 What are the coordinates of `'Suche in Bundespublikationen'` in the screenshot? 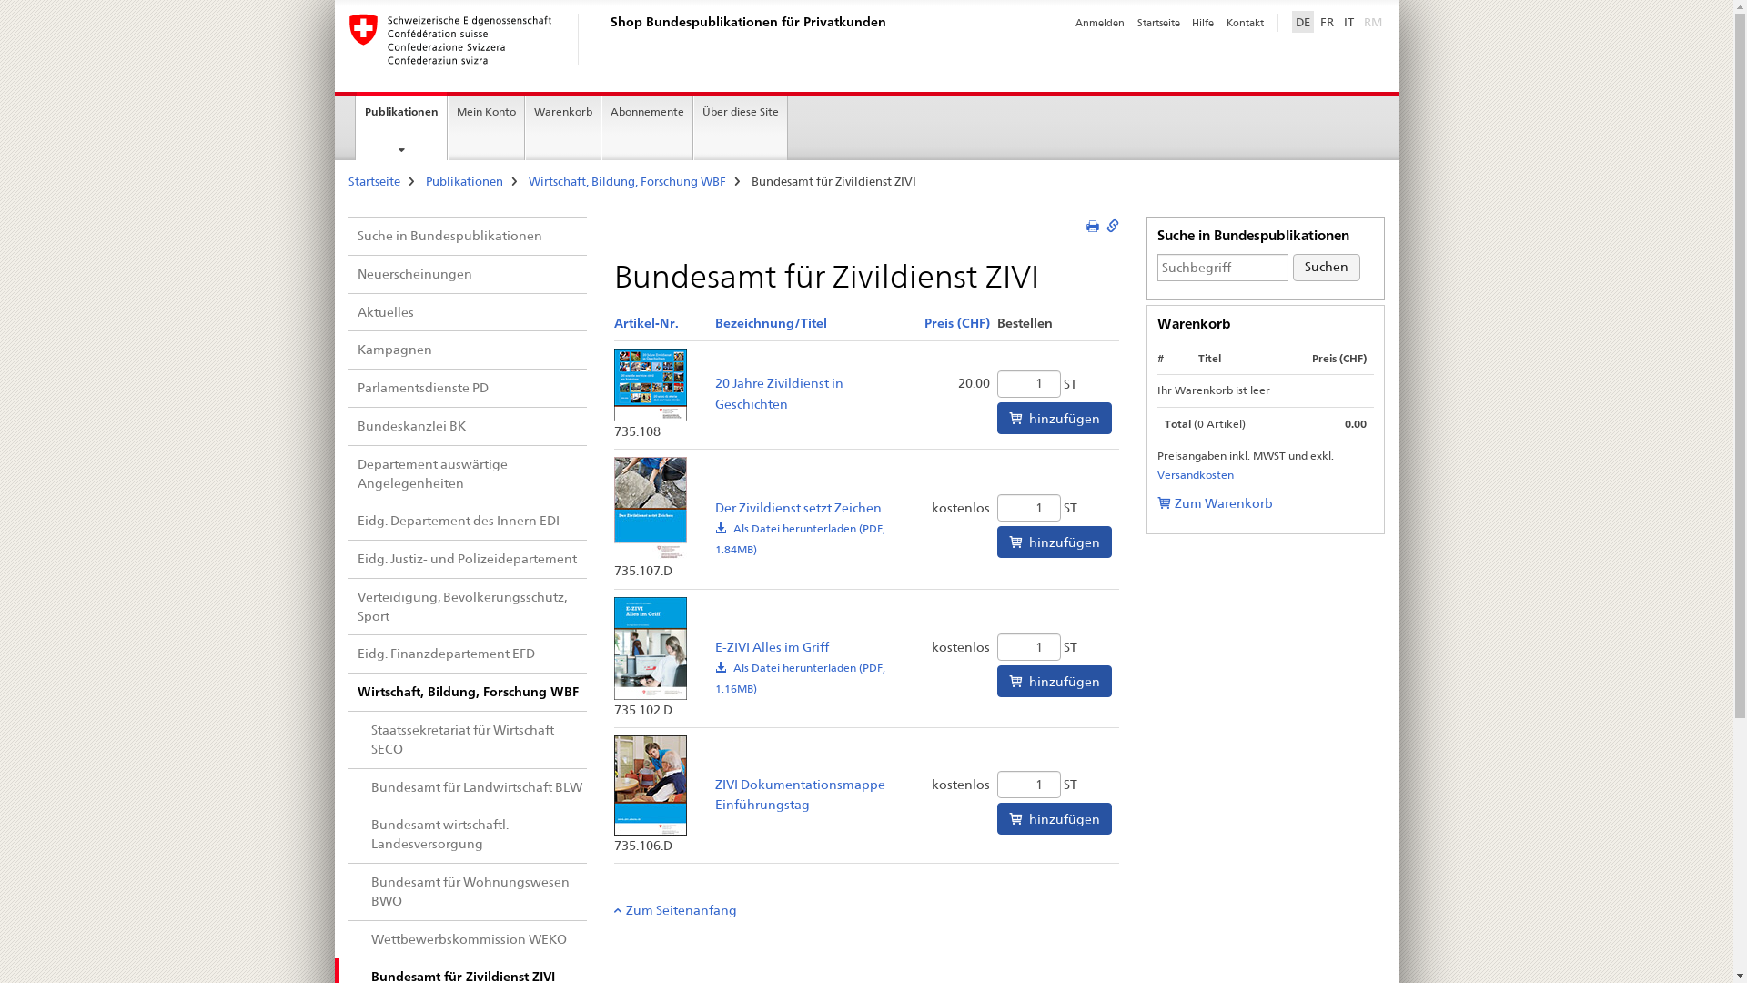 It's located at (348, 235).